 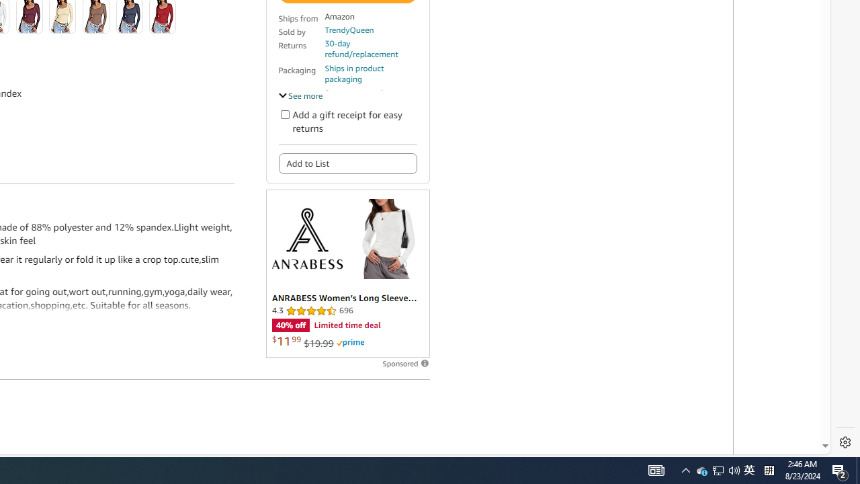 I want to click on 'Secure transaction', so click(x=358, y=92).